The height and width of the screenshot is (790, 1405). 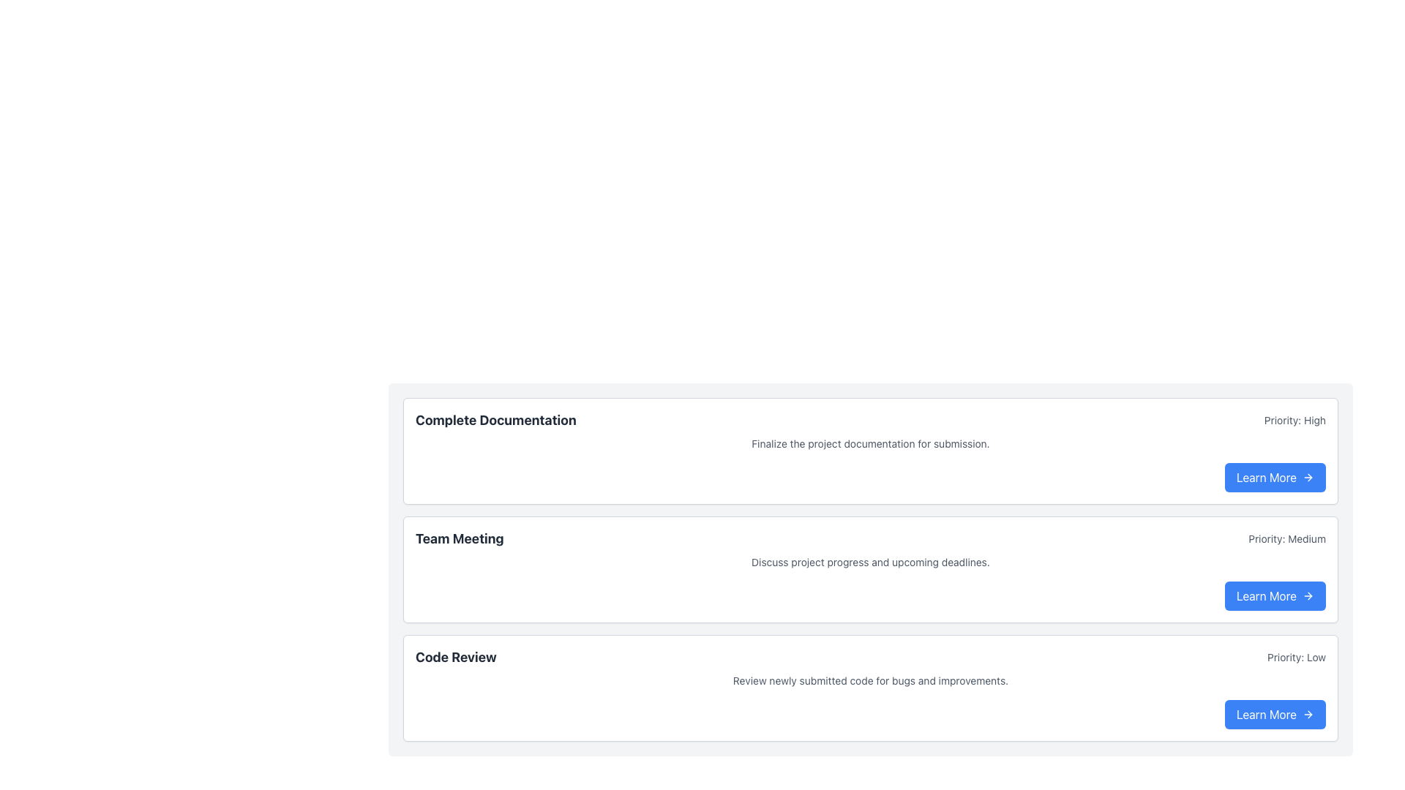 What do you see at coordinates (1274, 477) in the screenshot?
I see `the 'Learn More' button with text on a blue background in the first row labeled 'Complete Documentation'` at bounding box center [1274, 477].